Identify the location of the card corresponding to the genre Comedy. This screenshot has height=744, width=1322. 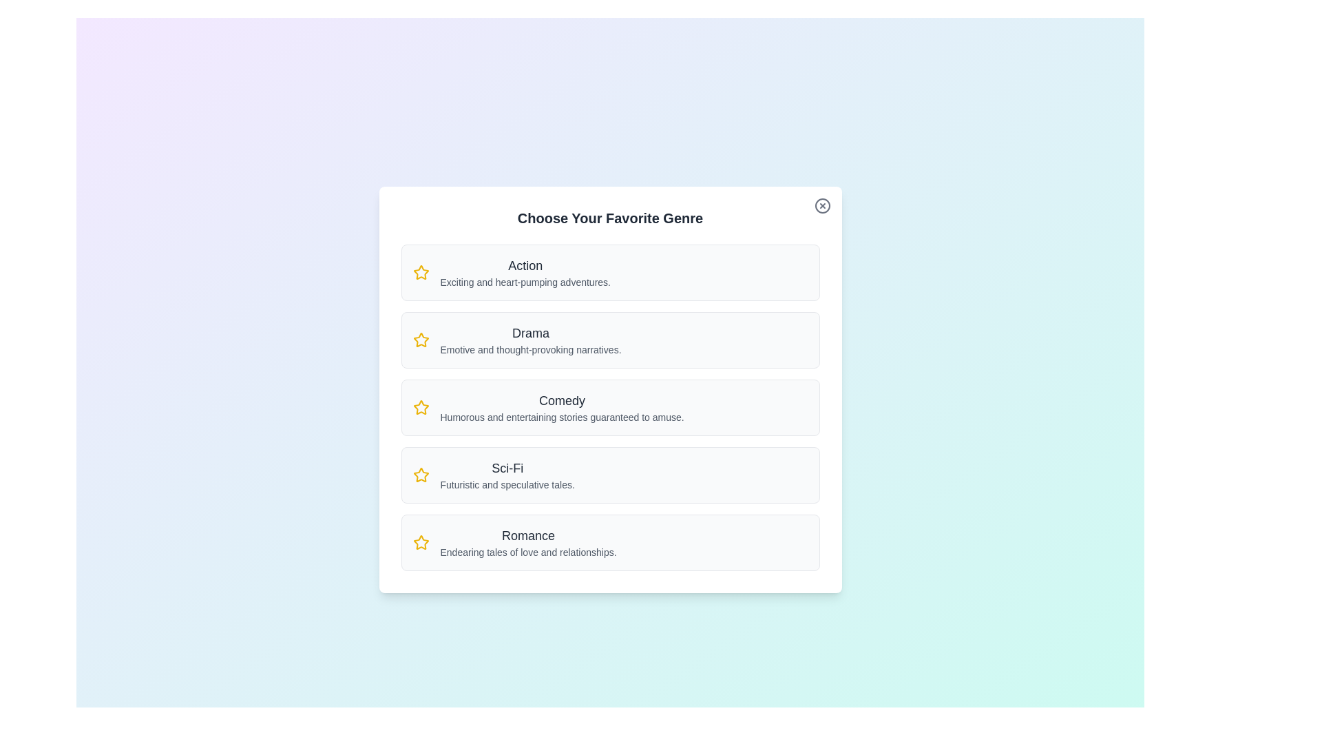
(609, 406).